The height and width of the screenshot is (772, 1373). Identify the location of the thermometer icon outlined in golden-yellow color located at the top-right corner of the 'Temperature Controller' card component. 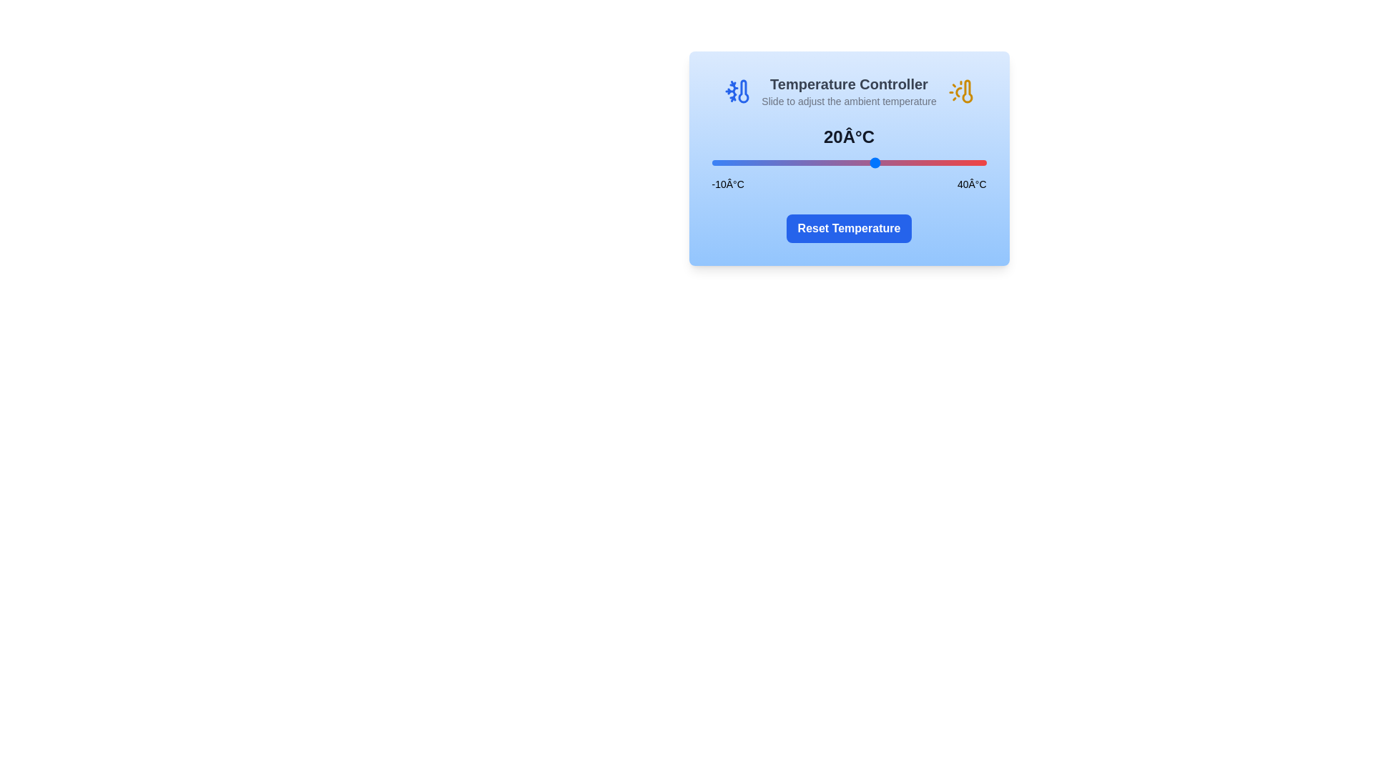
(967, 91).